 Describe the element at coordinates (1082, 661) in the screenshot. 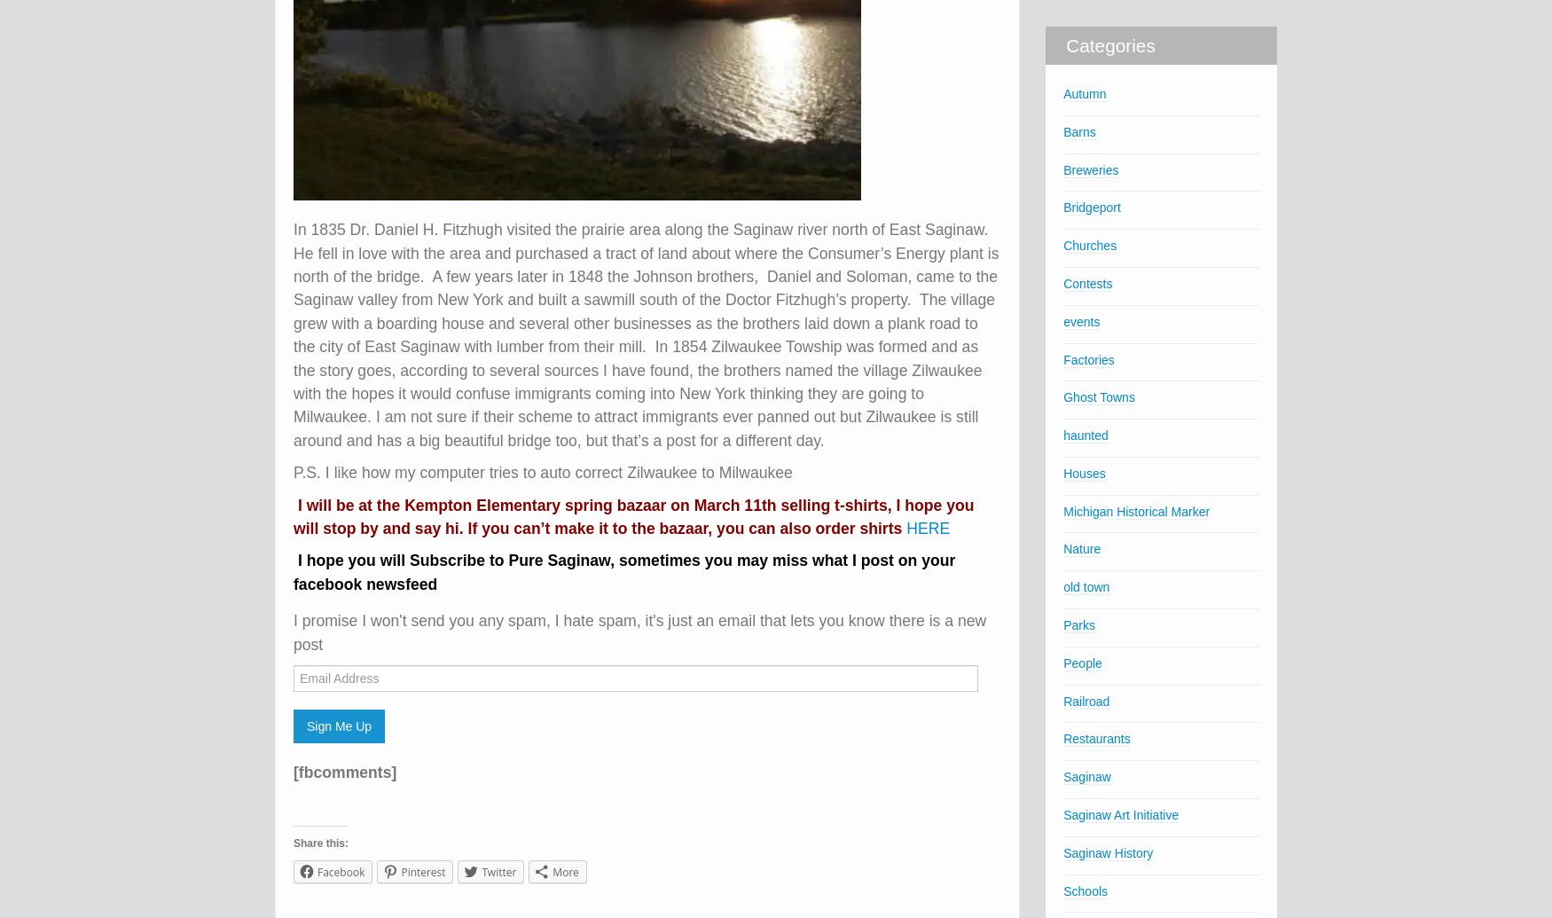

I see `'People'` at that location.